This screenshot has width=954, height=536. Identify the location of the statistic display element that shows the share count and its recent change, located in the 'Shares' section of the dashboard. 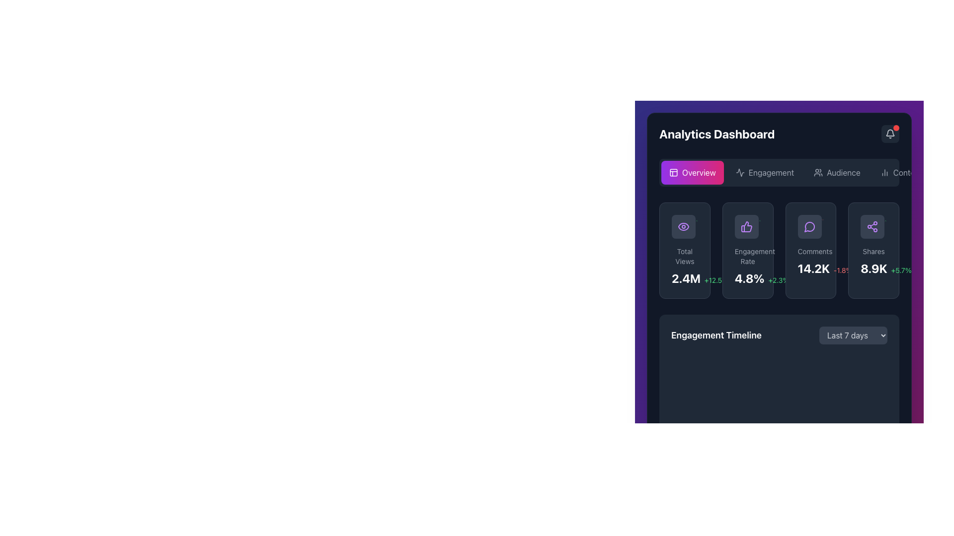
(873, 268).